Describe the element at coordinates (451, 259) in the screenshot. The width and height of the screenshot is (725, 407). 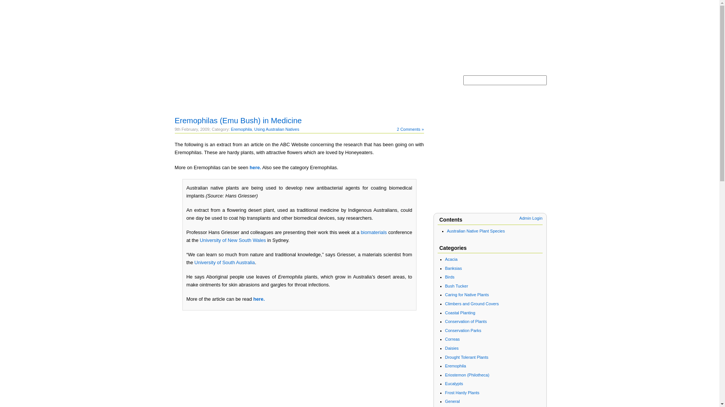
I see `'Acacia'` at that location.